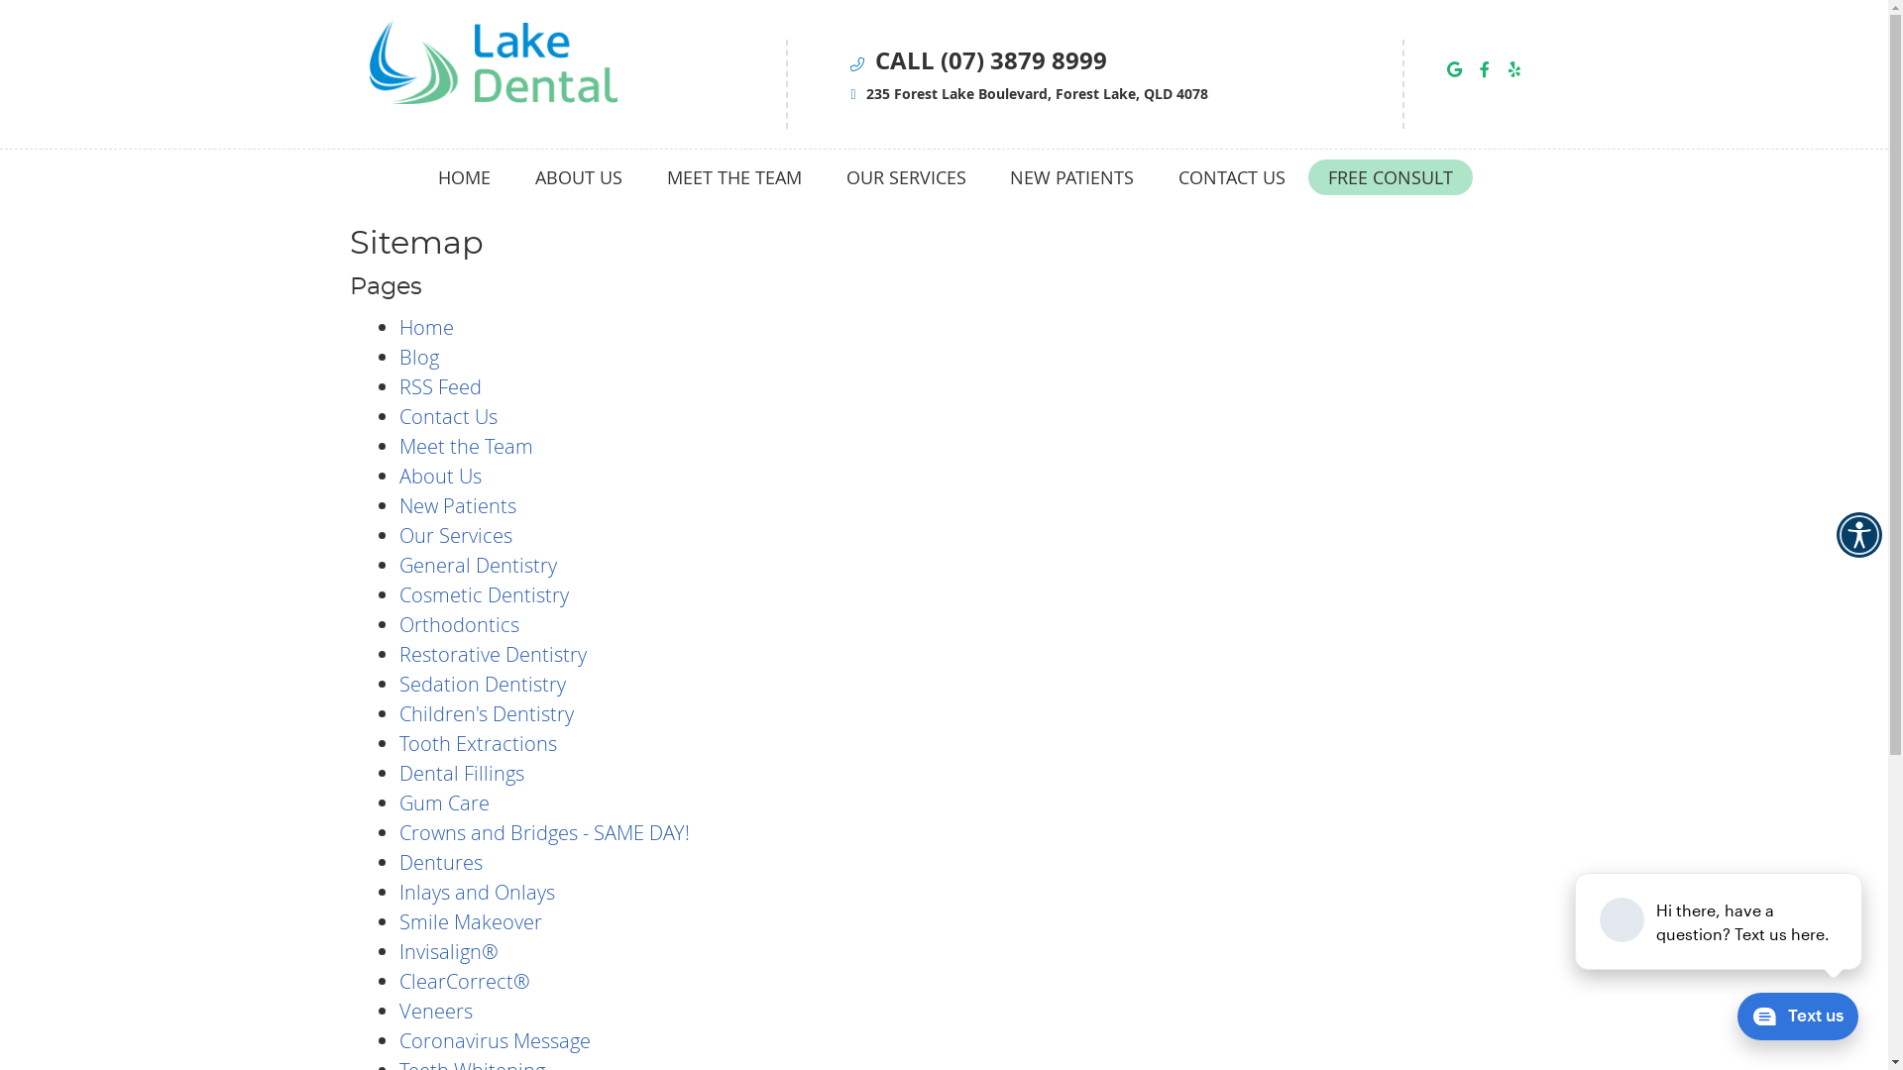 Image resolution: width=1903 pixels, height=1070 pixels. What do you see at coordinates (439, 861) in the screenshot?
I see `'Dentures'` at bounding box center [439, 861].